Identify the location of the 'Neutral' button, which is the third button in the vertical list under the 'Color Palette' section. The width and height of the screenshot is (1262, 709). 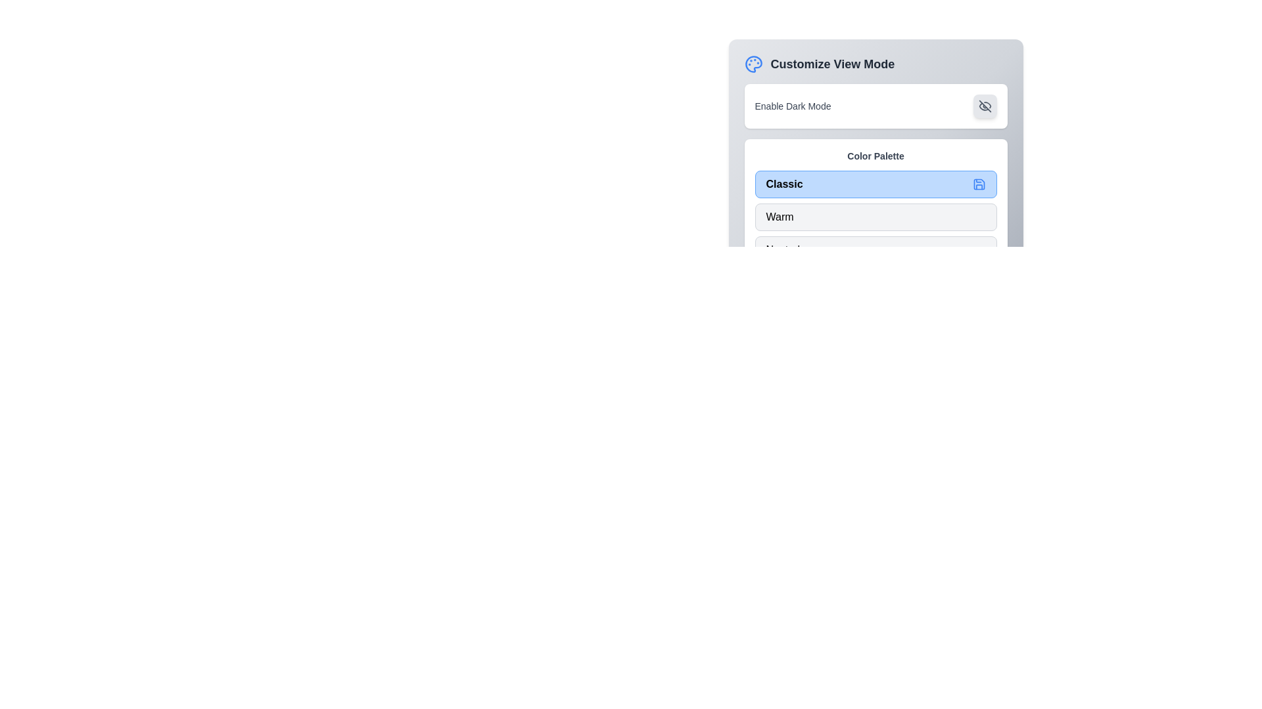
(876, 250).